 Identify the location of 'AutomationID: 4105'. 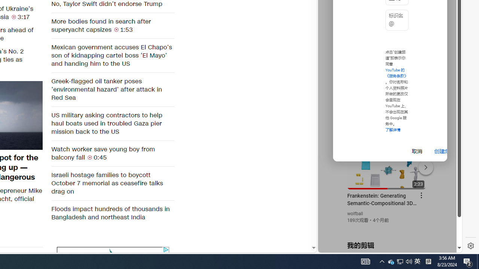
(366, 261).